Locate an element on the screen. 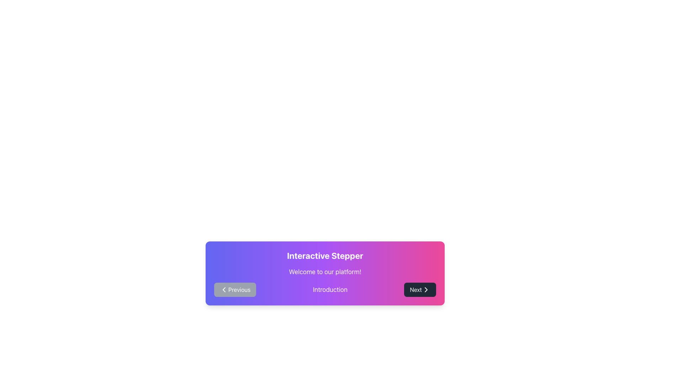  the chevron arrow icon located at the center of the 'Next' button to proceed in the navigation workflow is located at coordinates (426, 289).